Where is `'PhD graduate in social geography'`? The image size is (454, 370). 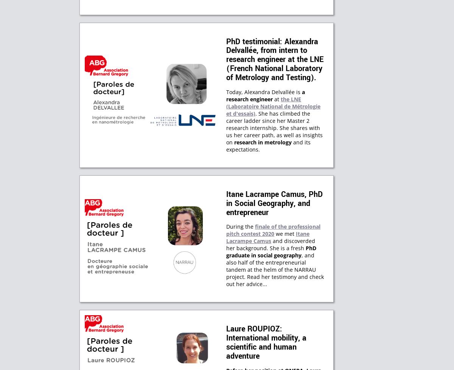 'PhD graduate in social geography' is located at coordinates (271, 251).